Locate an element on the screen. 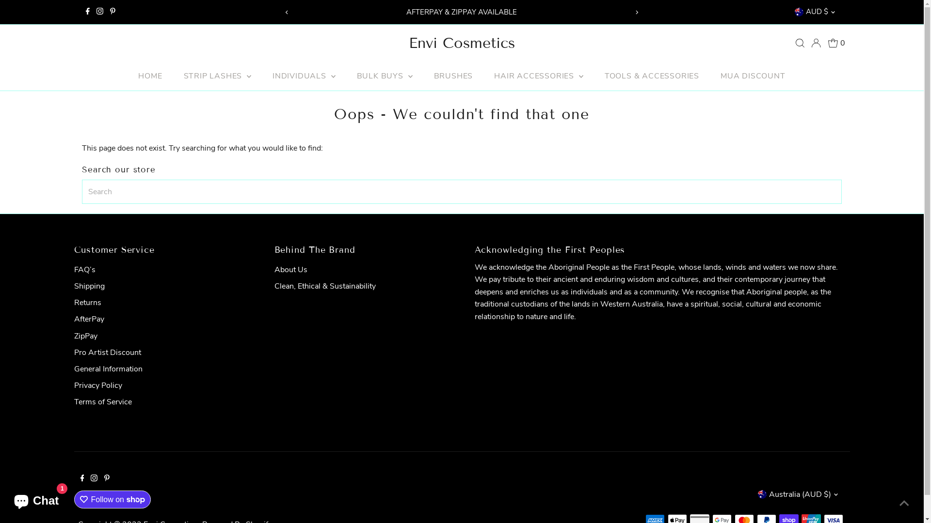  'AfterPay' is located at coordinates (88, 319).